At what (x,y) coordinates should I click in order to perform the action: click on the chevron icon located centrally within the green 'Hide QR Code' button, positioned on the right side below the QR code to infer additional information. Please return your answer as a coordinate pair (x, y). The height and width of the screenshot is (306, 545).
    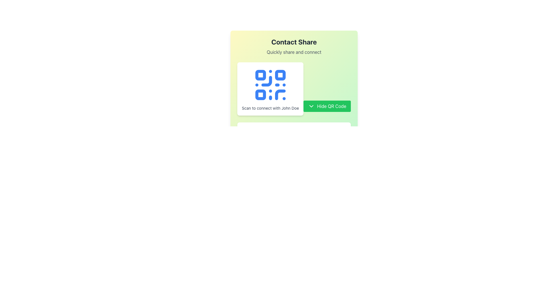
    Looking at the image, I should click on (311, 106).